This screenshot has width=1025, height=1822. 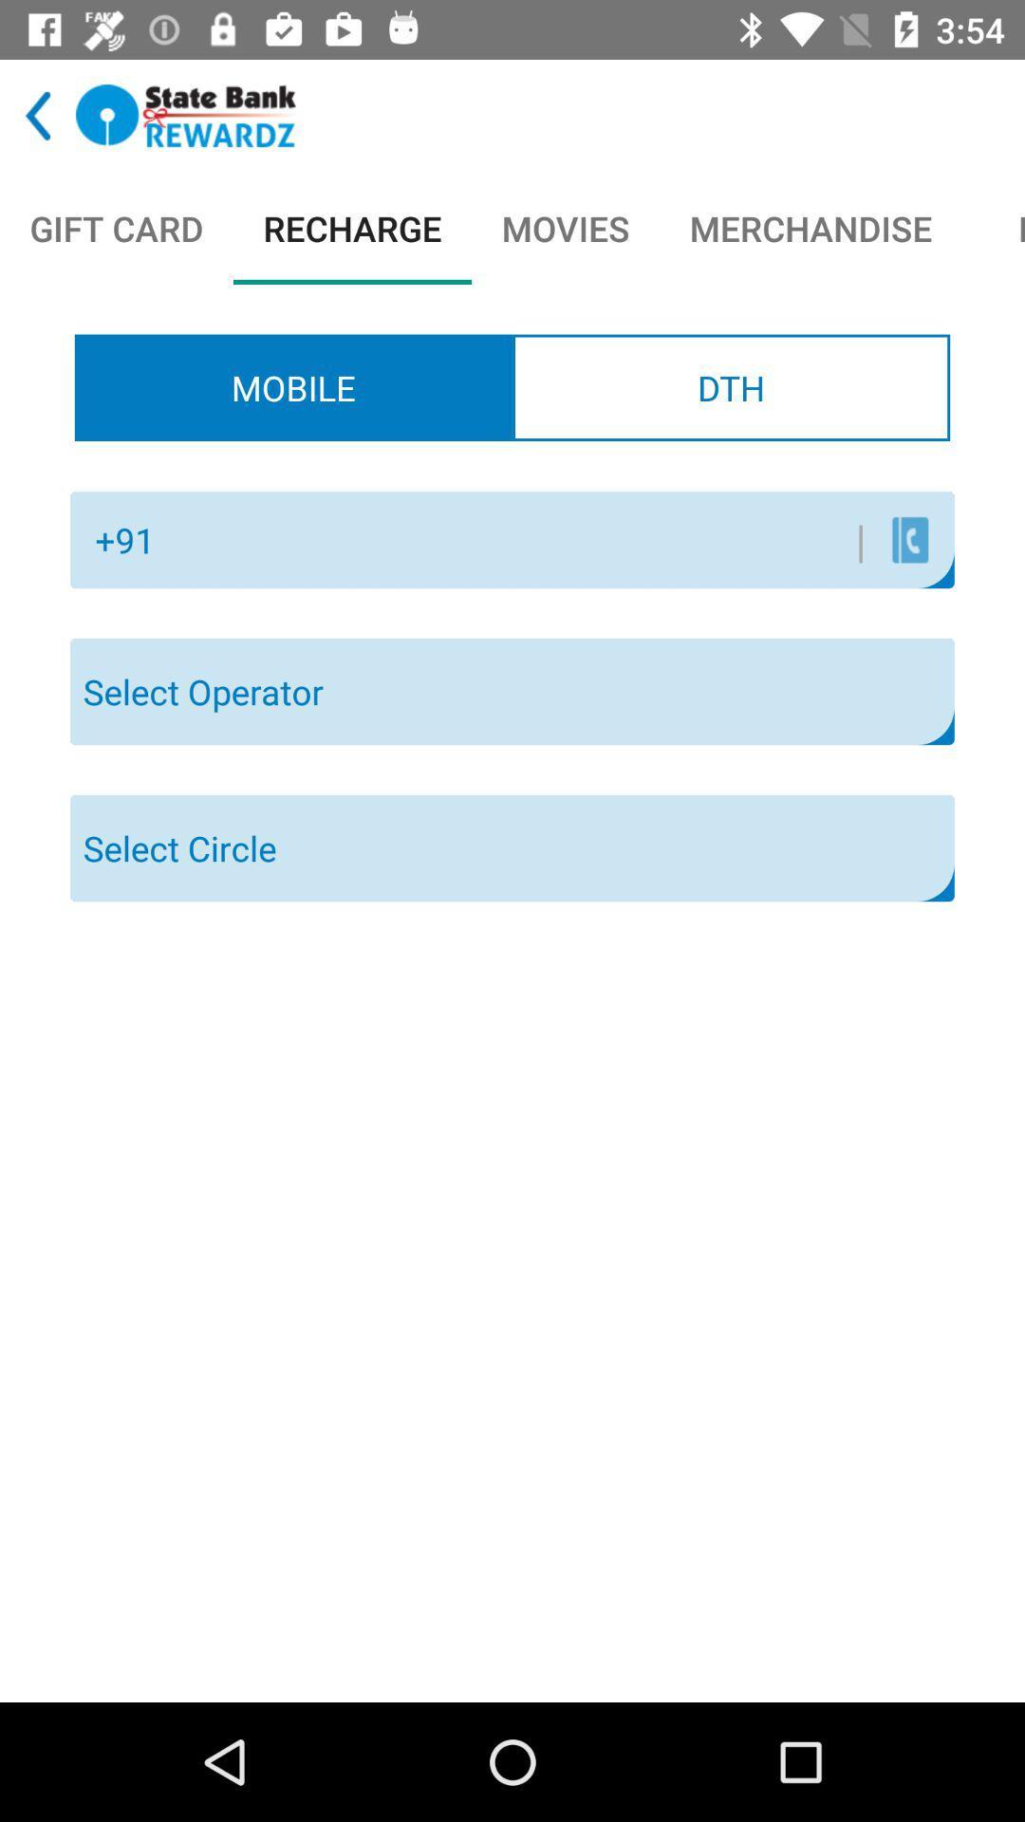 I want to click on icon to the right of mobile item, so click(x=730, y=386).